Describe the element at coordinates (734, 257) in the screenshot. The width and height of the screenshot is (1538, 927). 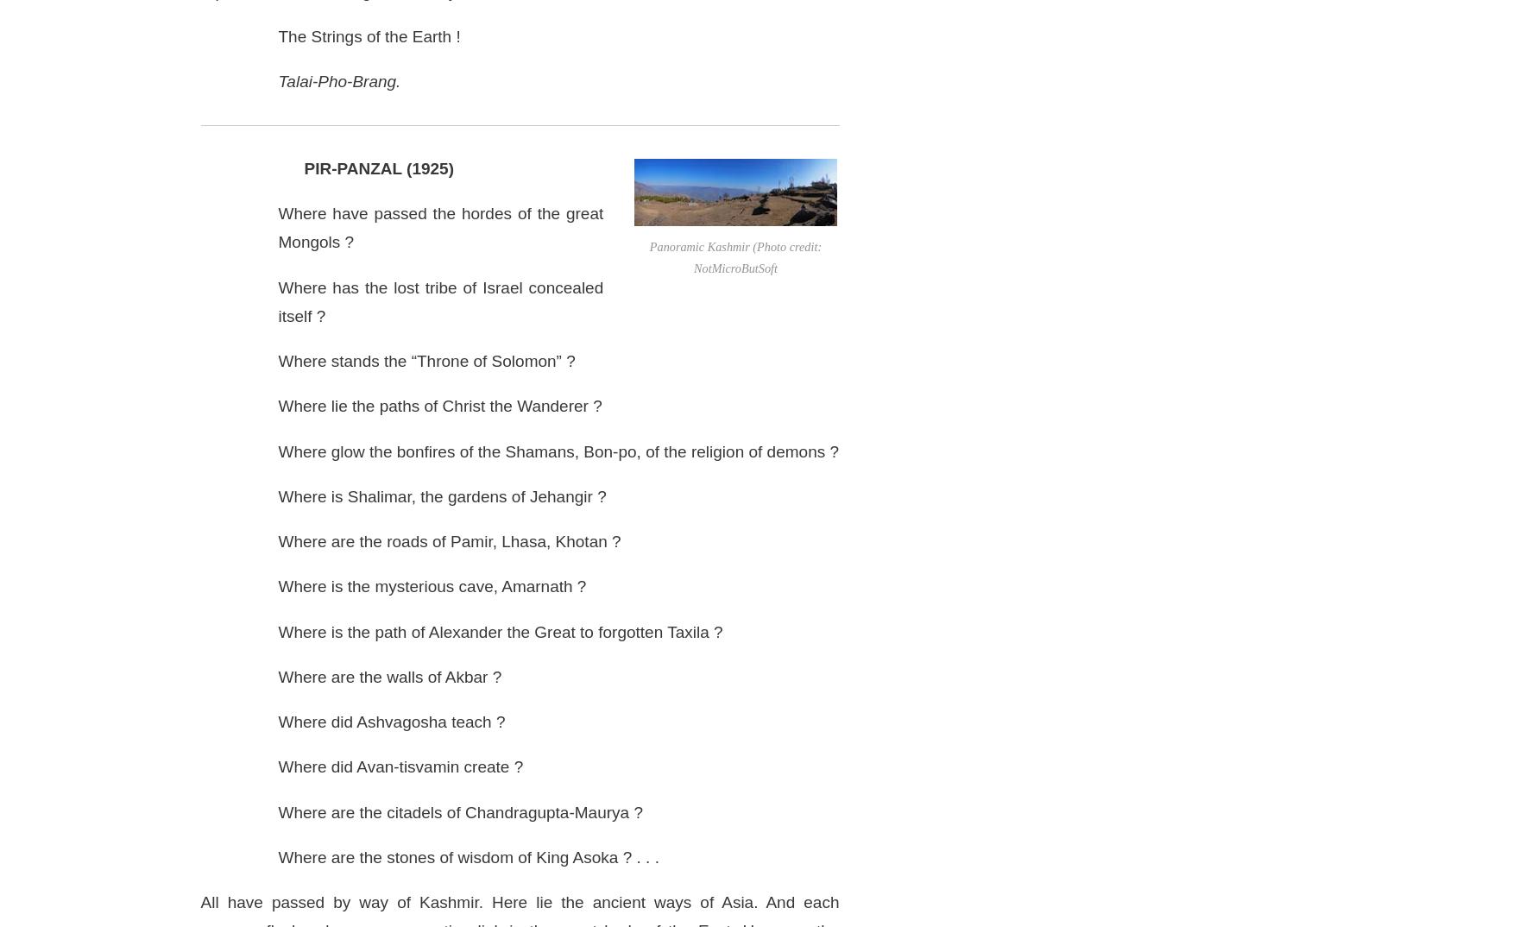
I see `'Panoramic Kashmir (Photo credit: NotMicroButSoft'` at that location.